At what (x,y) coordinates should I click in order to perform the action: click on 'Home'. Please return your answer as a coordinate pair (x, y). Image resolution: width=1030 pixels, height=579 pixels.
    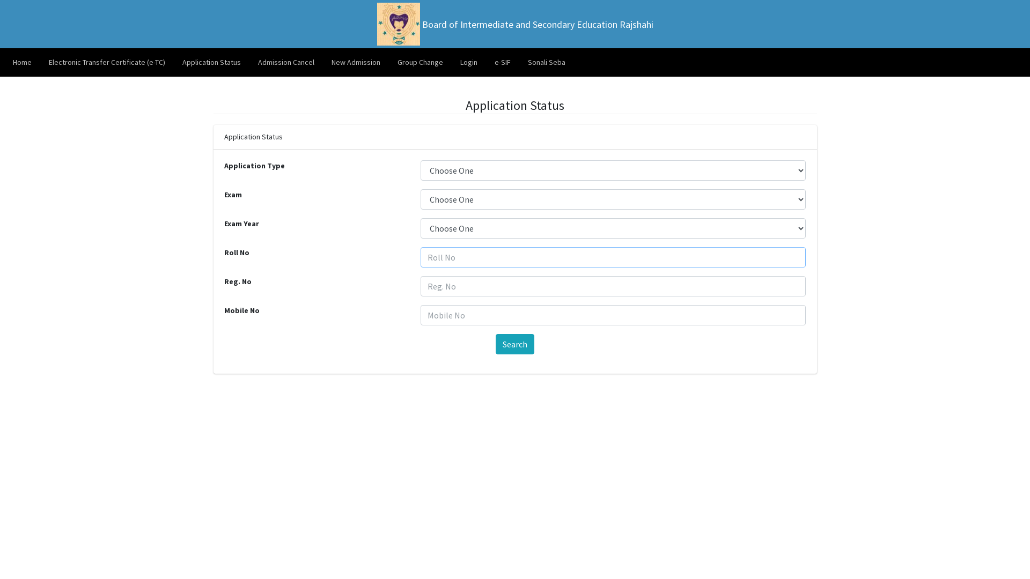
    Looking at the image, I should click on (22, 62).